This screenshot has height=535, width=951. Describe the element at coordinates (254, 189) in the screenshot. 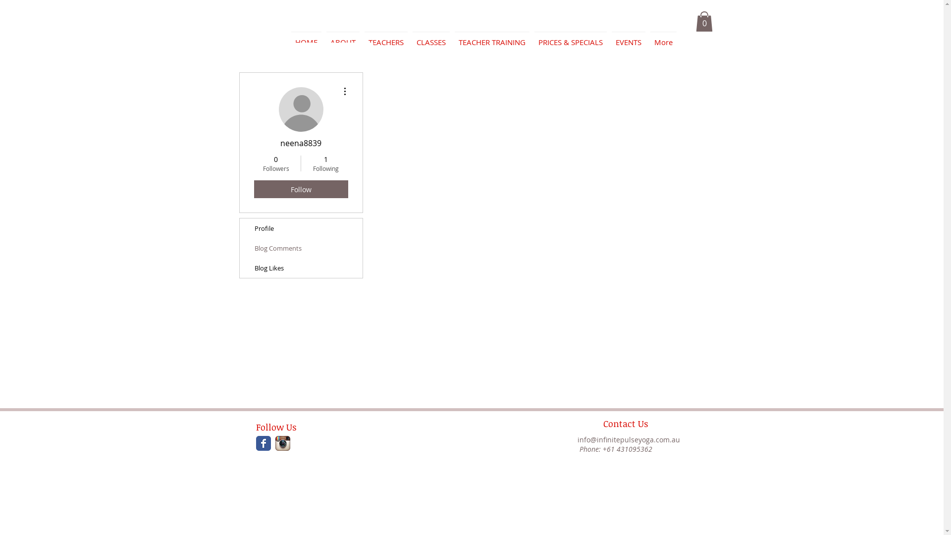

I see `'Follow'` at that location.